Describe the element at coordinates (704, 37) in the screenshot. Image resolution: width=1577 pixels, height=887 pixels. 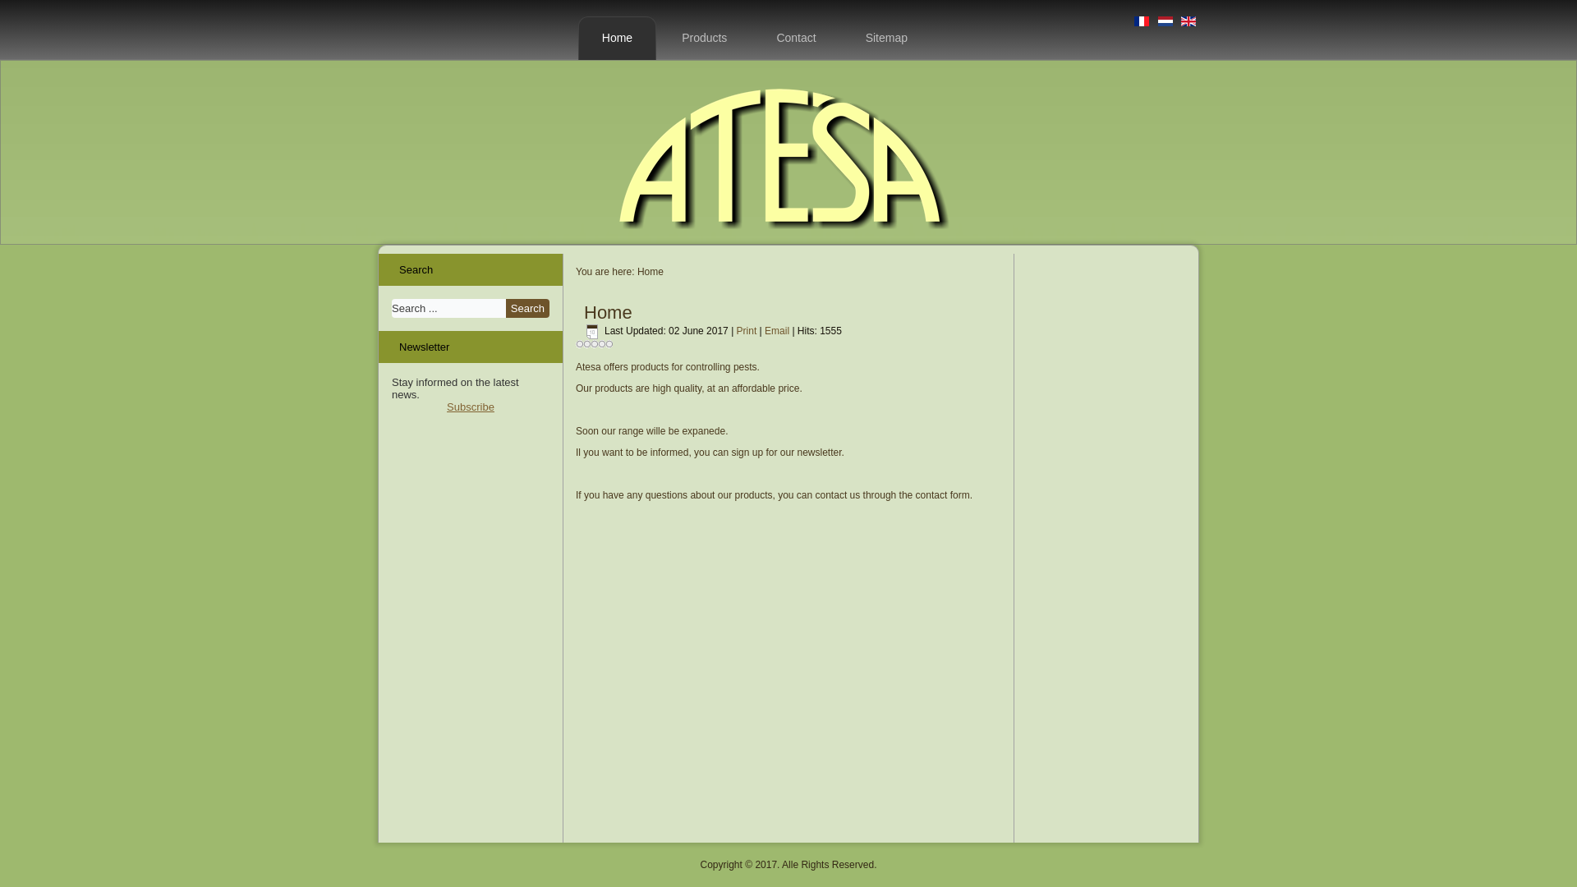
I see `'Products'` at that location.